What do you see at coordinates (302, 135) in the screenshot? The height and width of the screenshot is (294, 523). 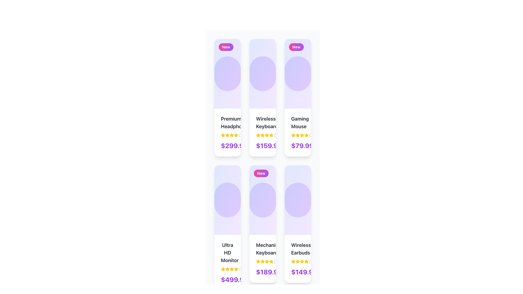 I see `the fifth yellow star icon used for ratings, located under the item titled 'Gaming Mouse', in the top-right of the visible list` at bounding box center [302, 135].